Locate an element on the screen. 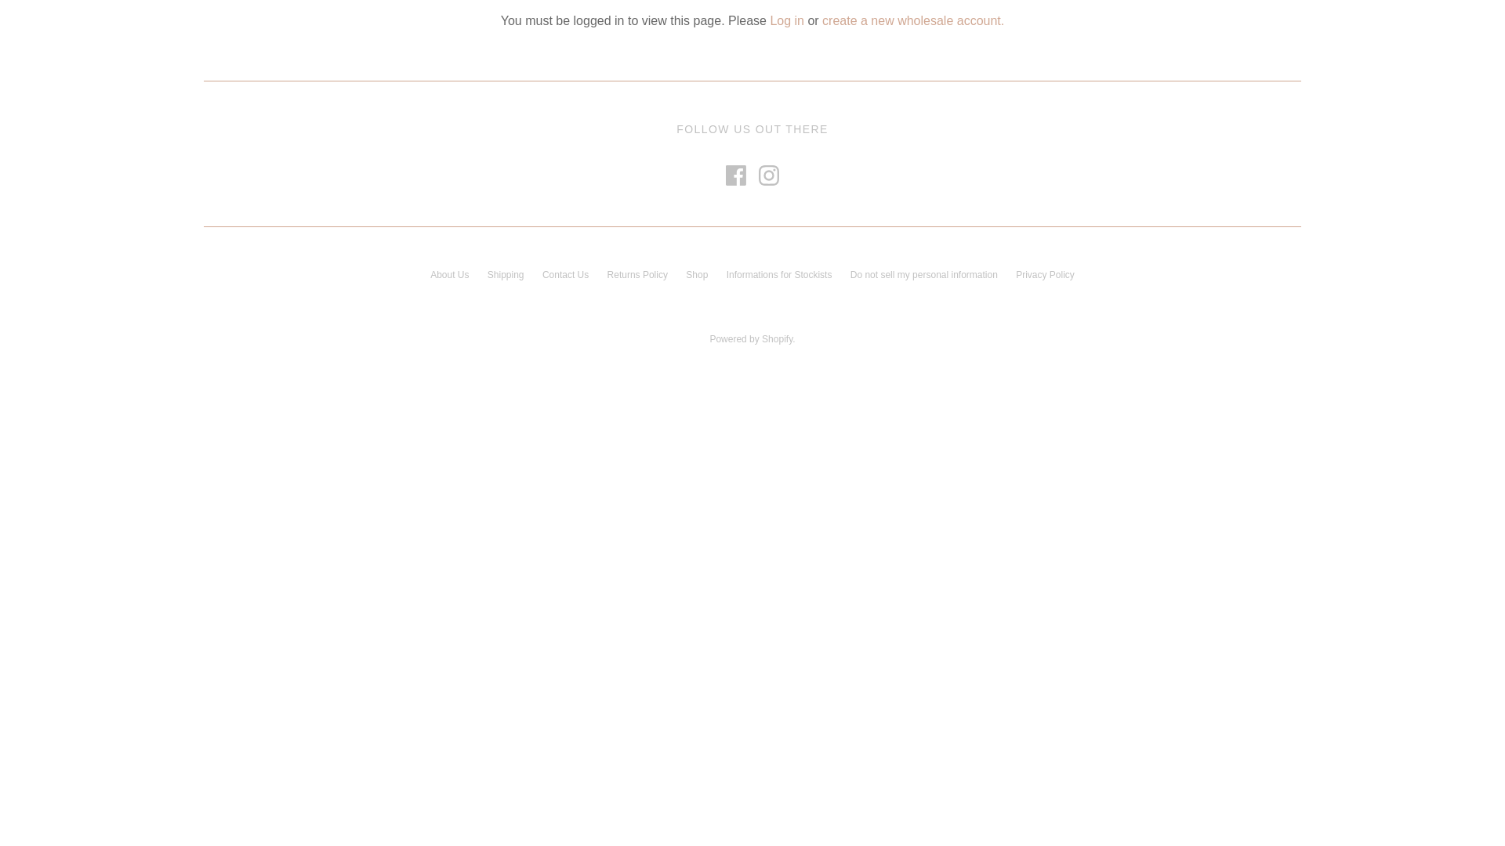 The image size is (1505, 846). 'Informations for Stockists' is located at coordinates (779, 274).